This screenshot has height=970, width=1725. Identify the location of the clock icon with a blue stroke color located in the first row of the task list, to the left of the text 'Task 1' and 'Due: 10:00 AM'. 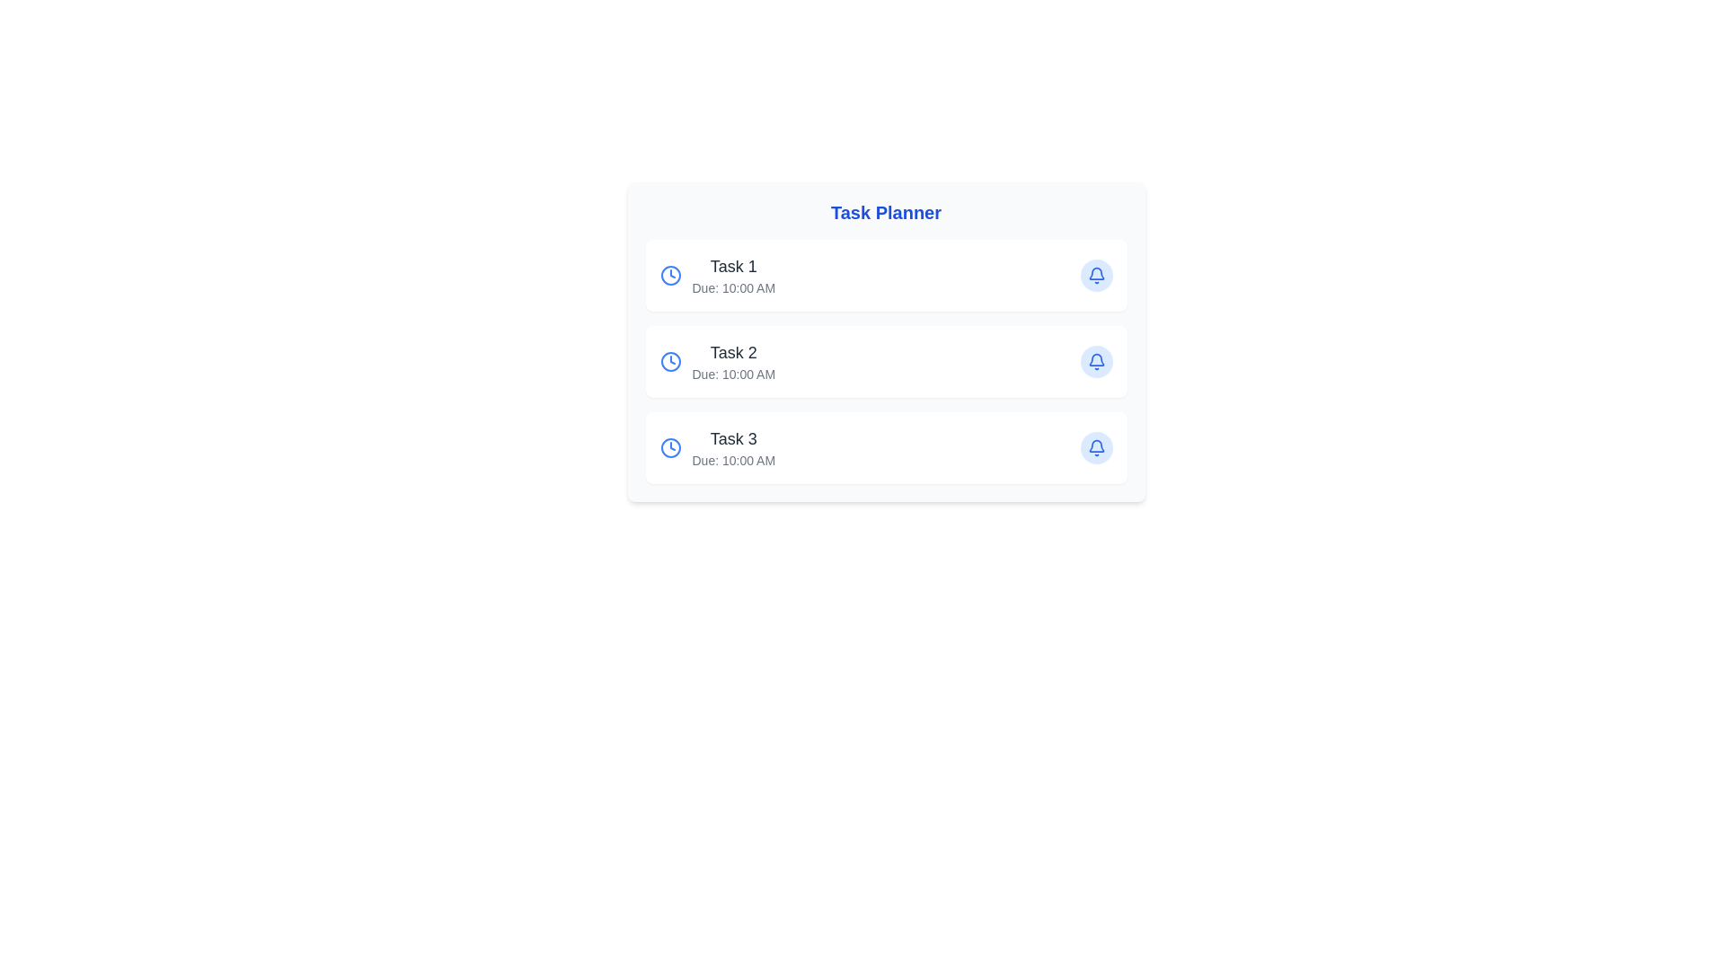
(669, 276).